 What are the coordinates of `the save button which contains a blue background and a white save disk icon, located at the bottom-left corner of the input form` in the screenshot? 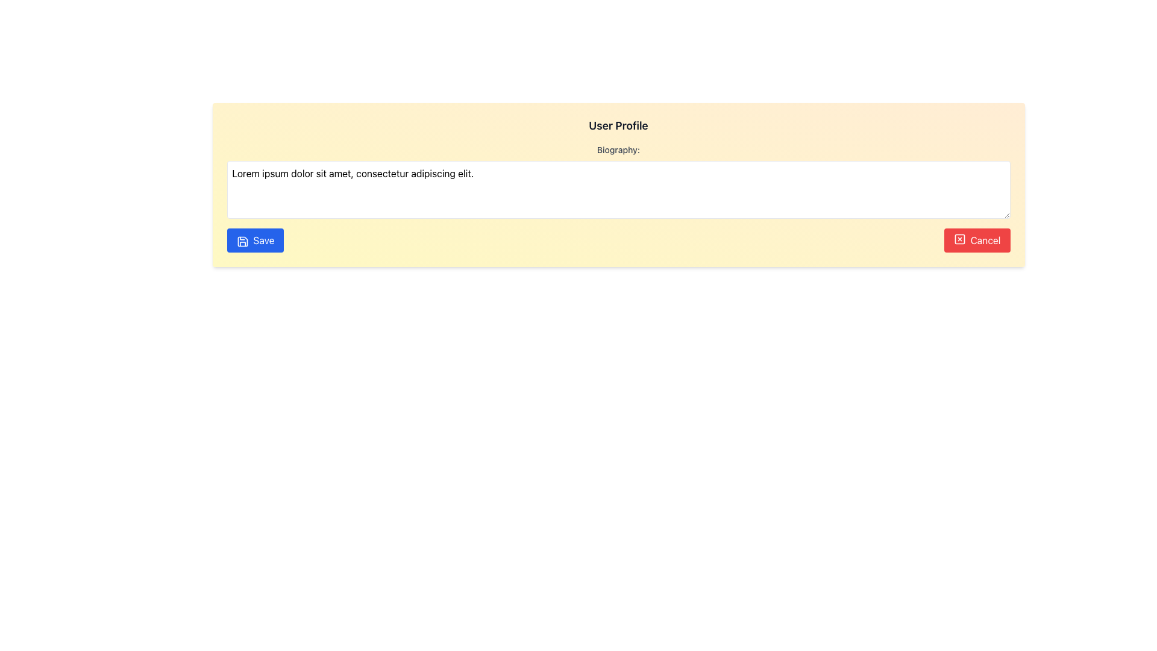 It's located at (242, 241).